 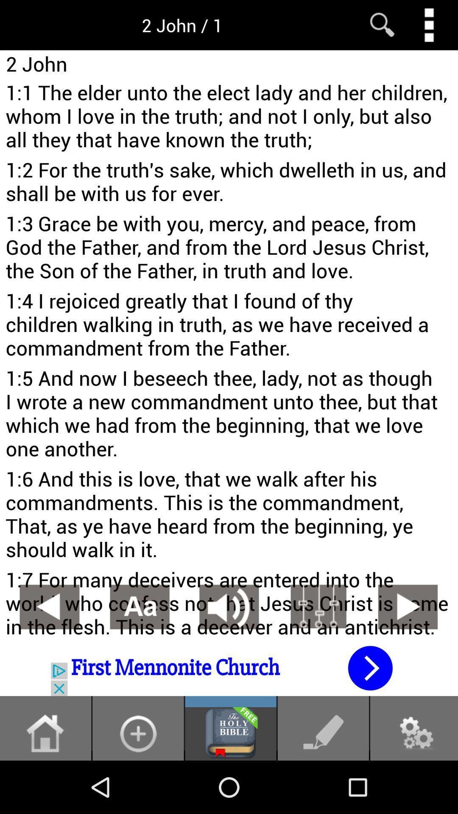 I want to click on the home icon, so click(x=45, y=785).